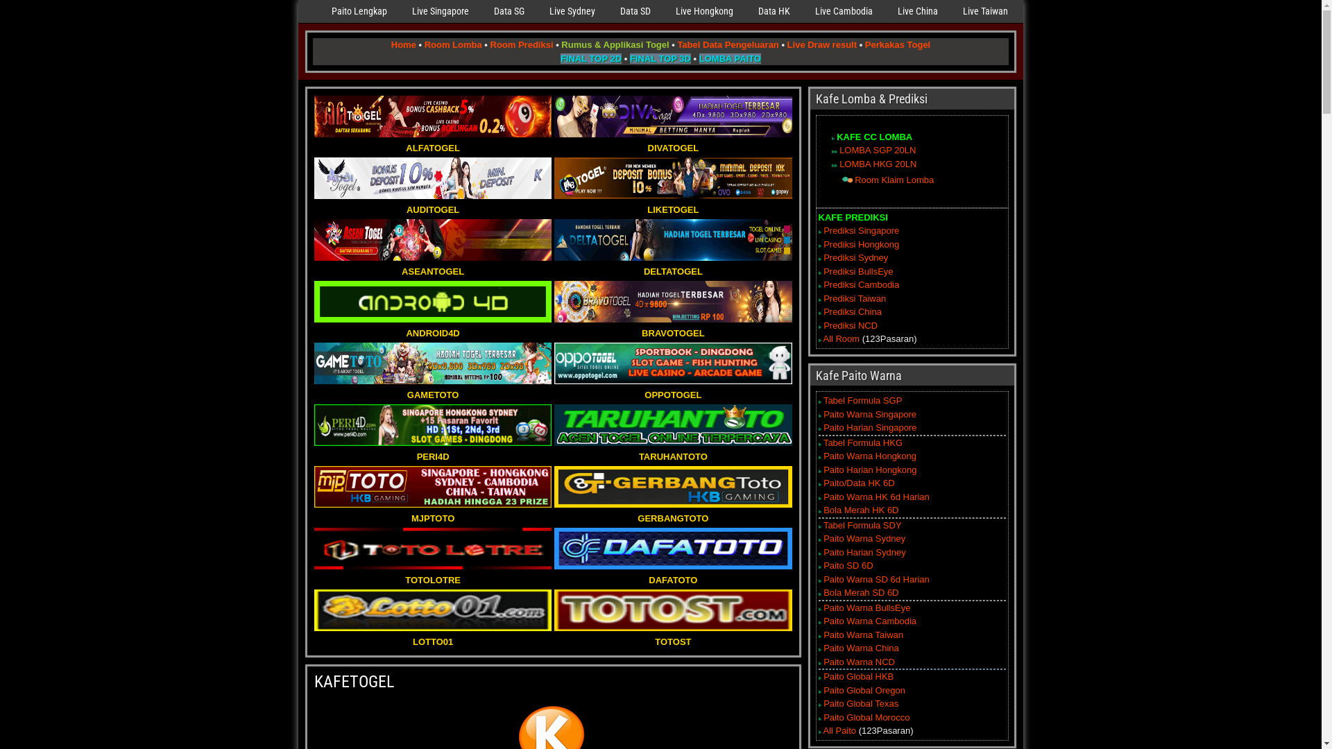  Describe the element at coordinates (432, 547) in the screenshot. I see `'Bandar Judi Online Terpercaya TOTOLOTRE'` at that location.